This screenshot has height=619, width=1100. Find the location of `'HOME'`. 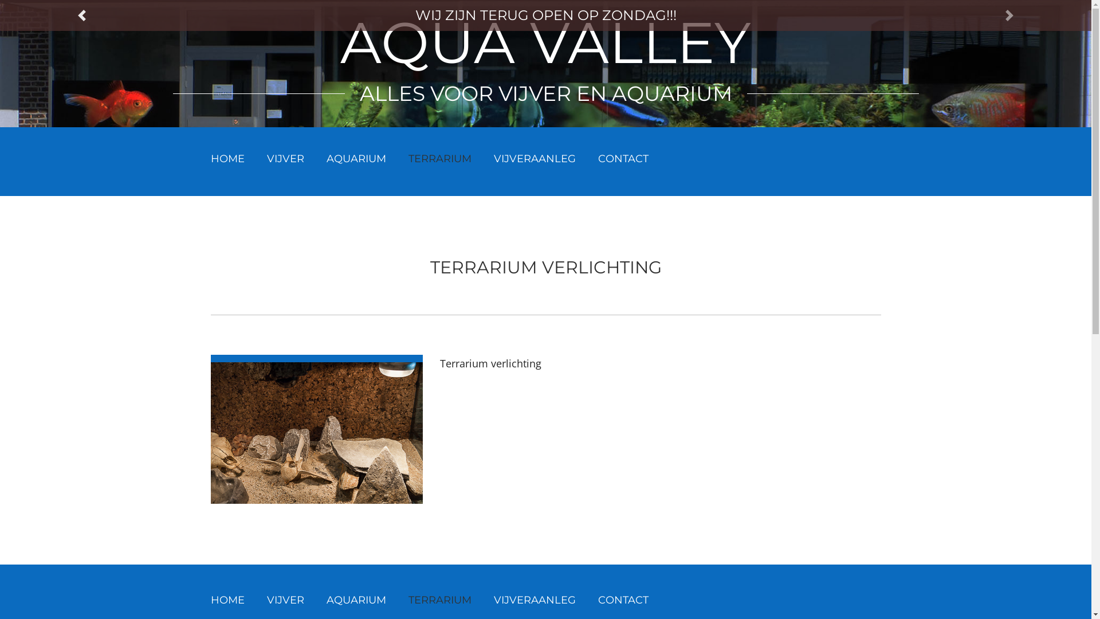

'HOME' is located at coordinates (211, 599).